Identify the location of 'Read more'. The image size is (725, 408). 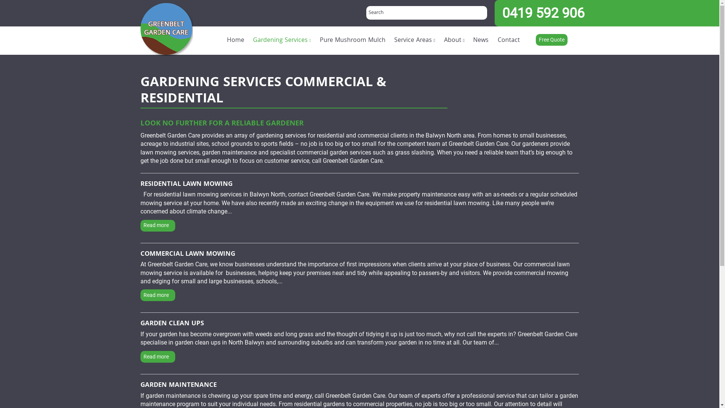
(157, 357).